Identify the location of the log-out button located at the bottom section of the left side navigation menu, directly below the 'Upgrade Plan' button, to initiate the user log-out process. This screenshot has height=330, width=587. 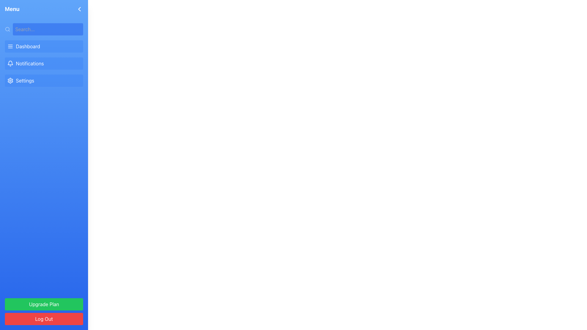
(44, 319).